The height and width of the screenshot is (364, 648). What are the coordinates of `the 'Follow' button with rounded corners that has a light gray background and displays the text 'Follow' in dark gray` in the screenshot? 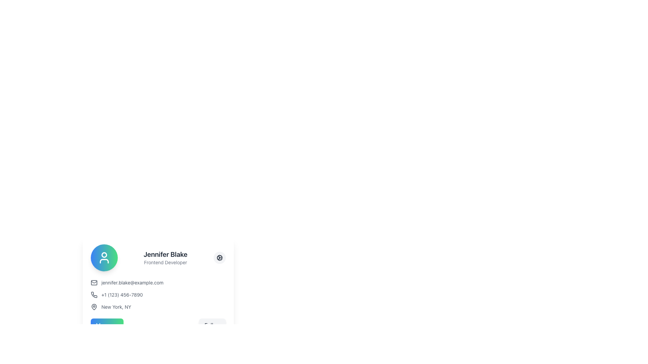 It's located at (212, 325).